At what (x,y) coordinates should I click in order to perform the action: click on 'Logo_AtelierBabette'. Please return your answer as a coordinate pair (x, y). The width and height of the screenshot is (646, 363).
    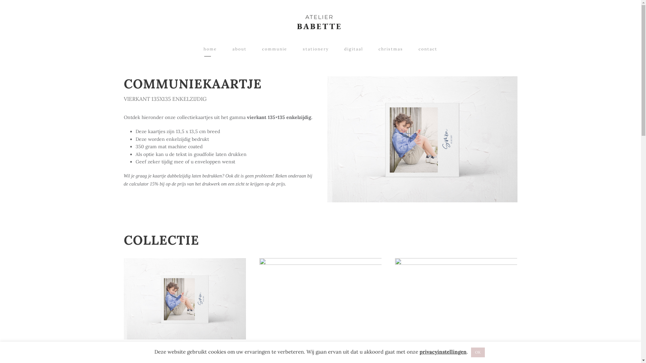
    Looking at the image, I should click on (318, 22).